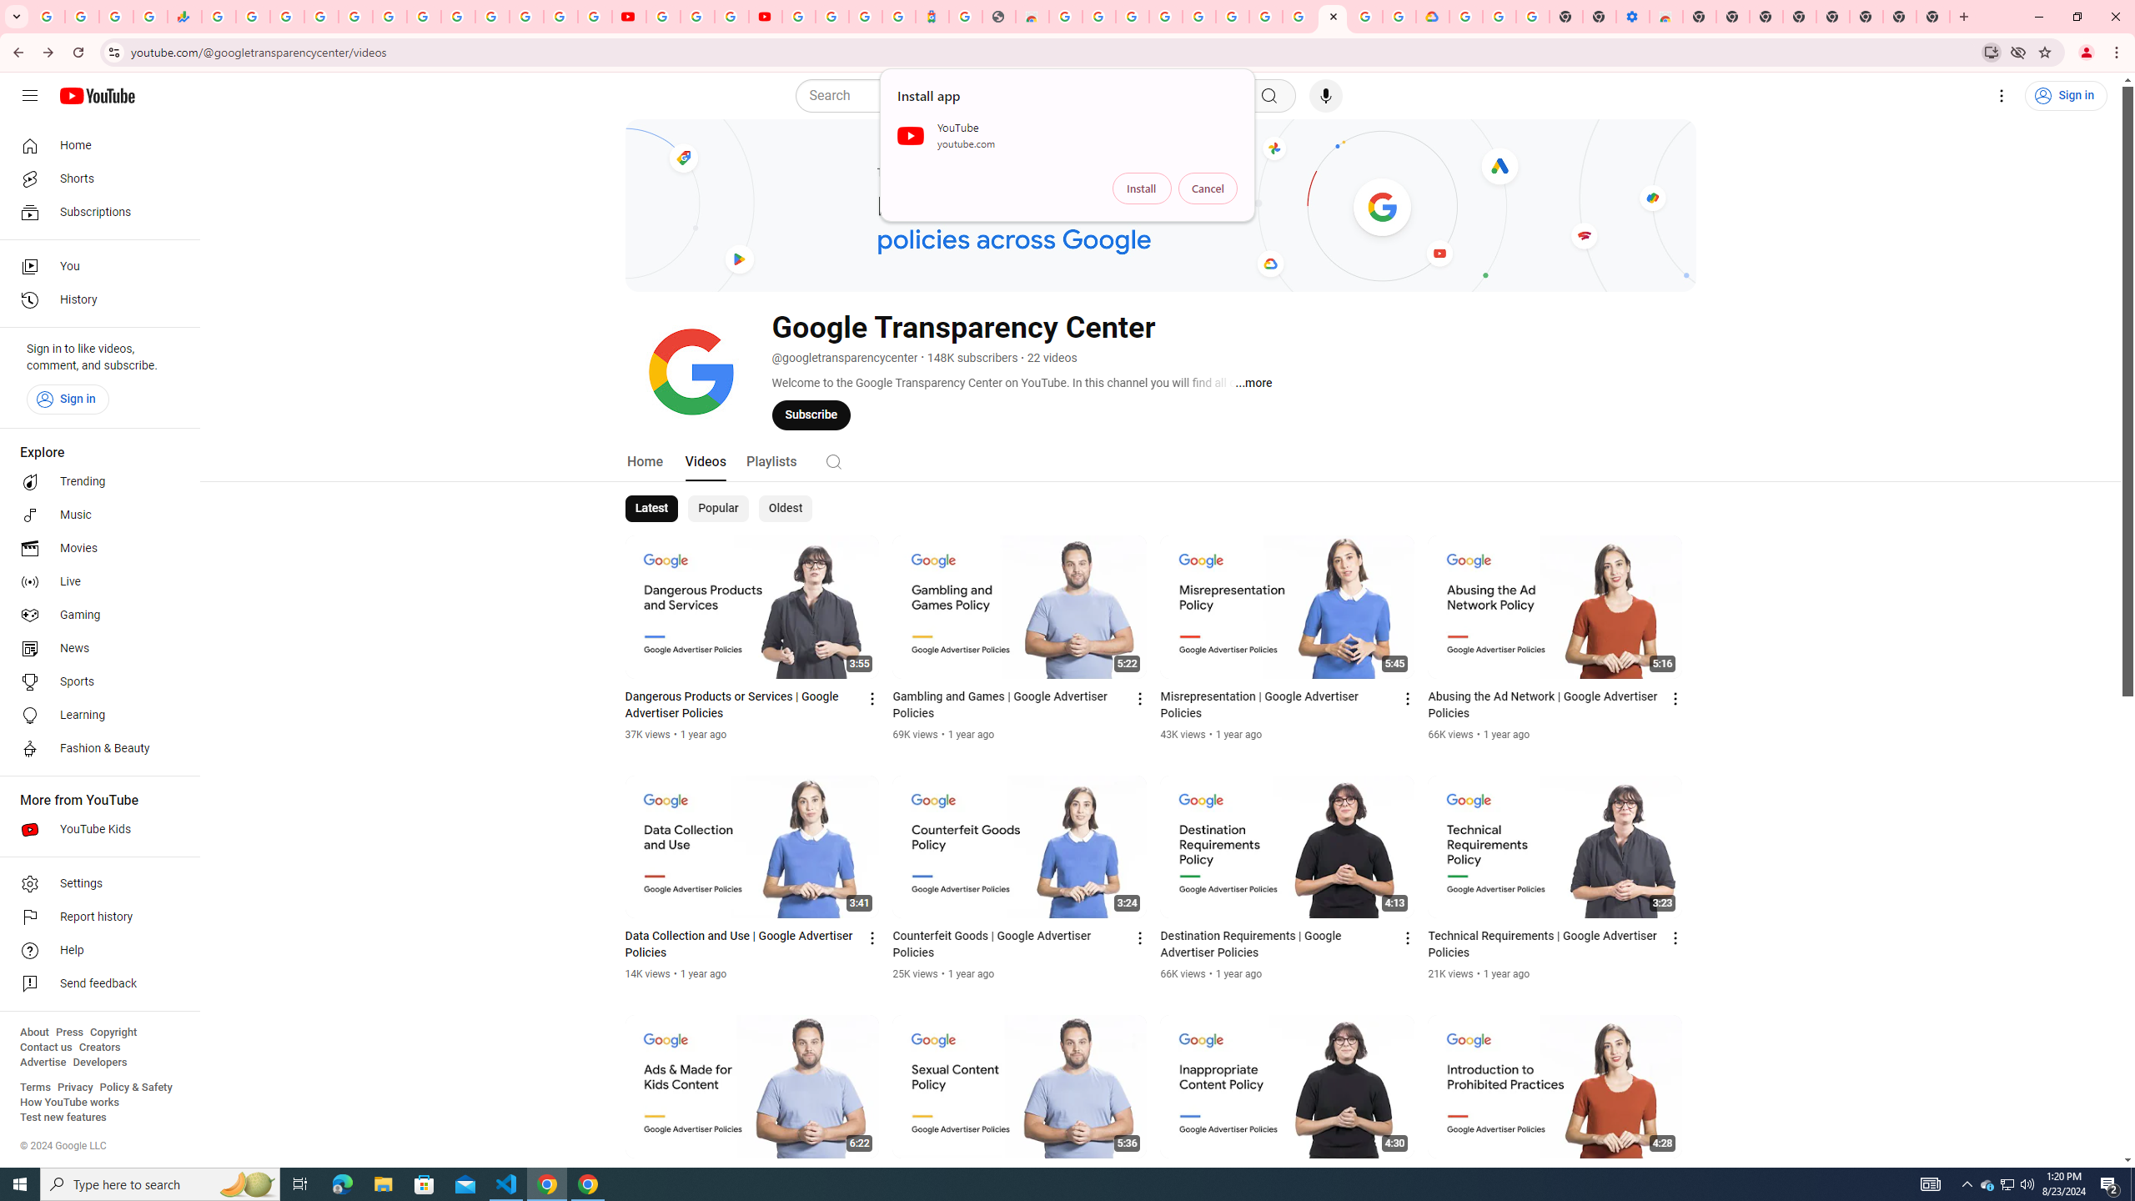 This screenshot has height=1201, width=2135. What do you see at coordinates (94, 830) in the screenshot?
I see `'YouTube Kids'` at bounding box center [94, 830].